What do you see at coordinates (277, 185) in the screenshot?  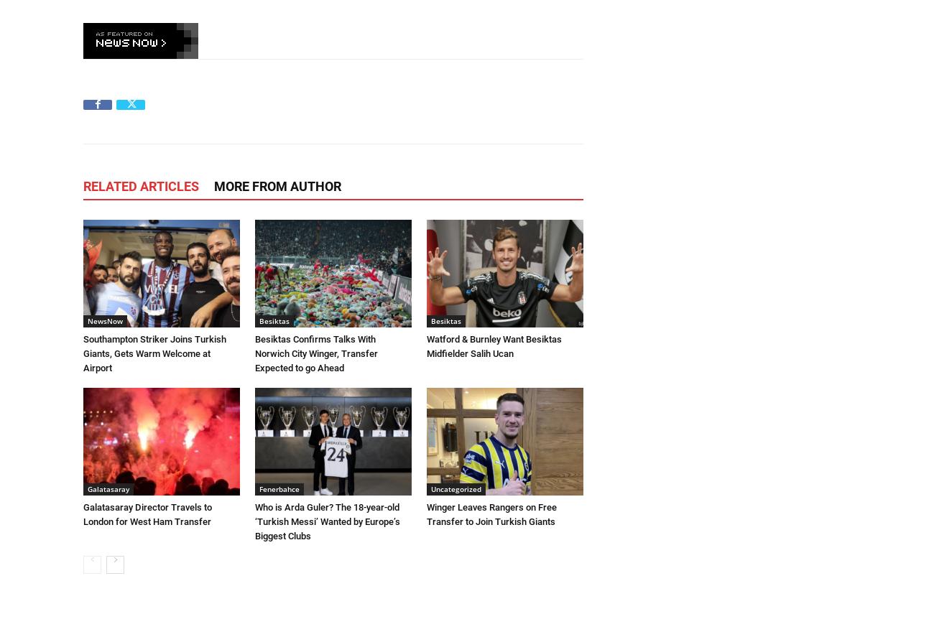 I see `'MORE FROM AUTHOR'` at bounding box center [277, 185].